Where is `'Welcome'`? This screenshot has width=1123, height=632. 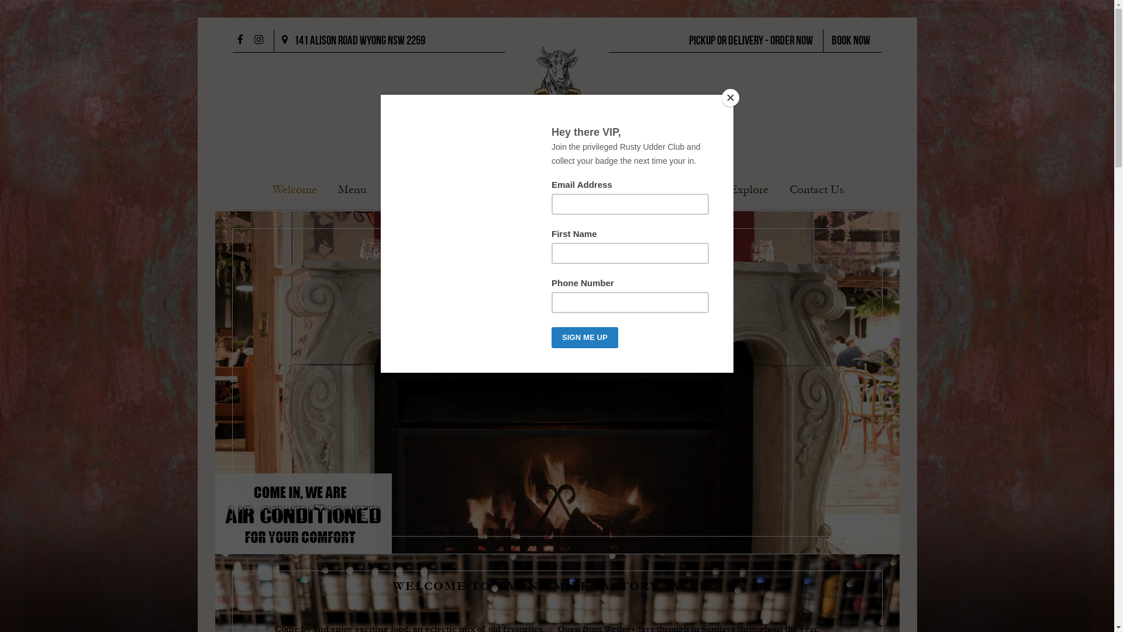 'Welcome' is located at coordinates (295, 190).